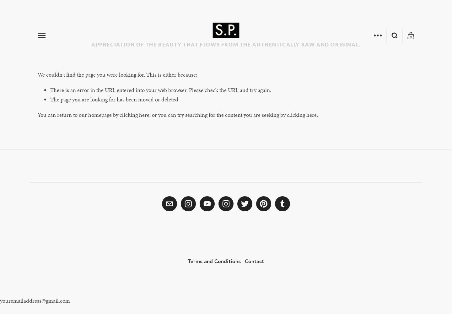 Image resolution: width=452 pixels, height=314 pixels. What do you see at coordinates (317, 114) in the screenshot?
I see `'.'` at bounding box center [317, 114].